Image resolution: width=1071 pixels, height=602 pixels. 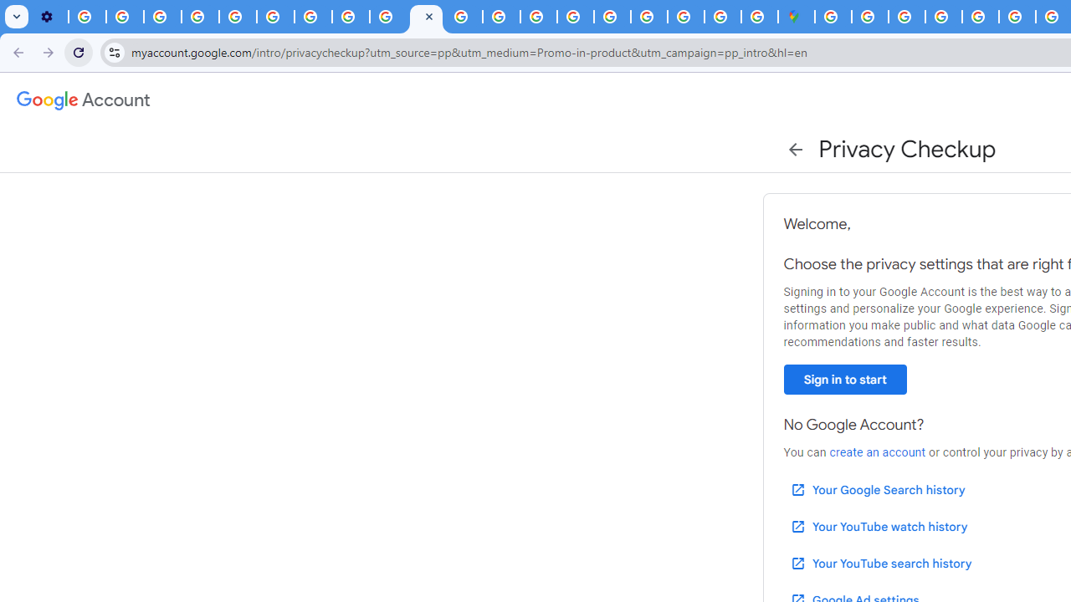 I want to click on 'Sign in - Google Accounts', so click(x=833, y=17).